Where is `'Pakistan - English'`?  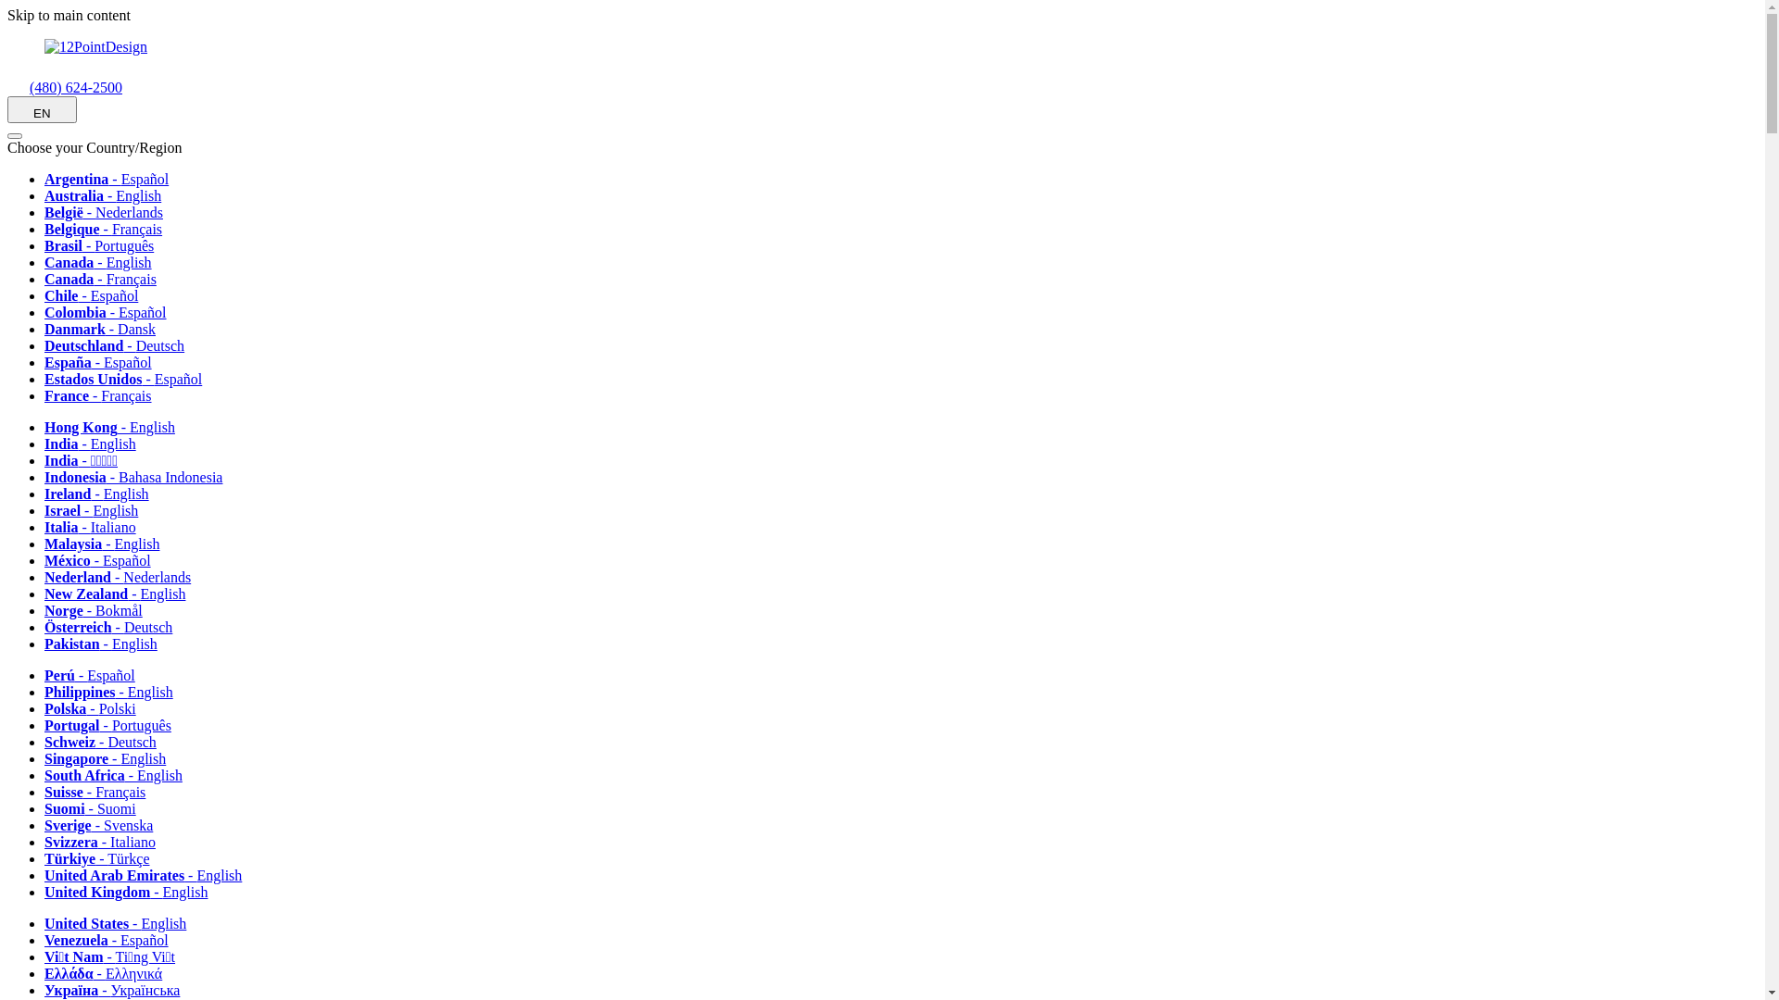
'Pakistan - English' is located at coordinates (106, 643).